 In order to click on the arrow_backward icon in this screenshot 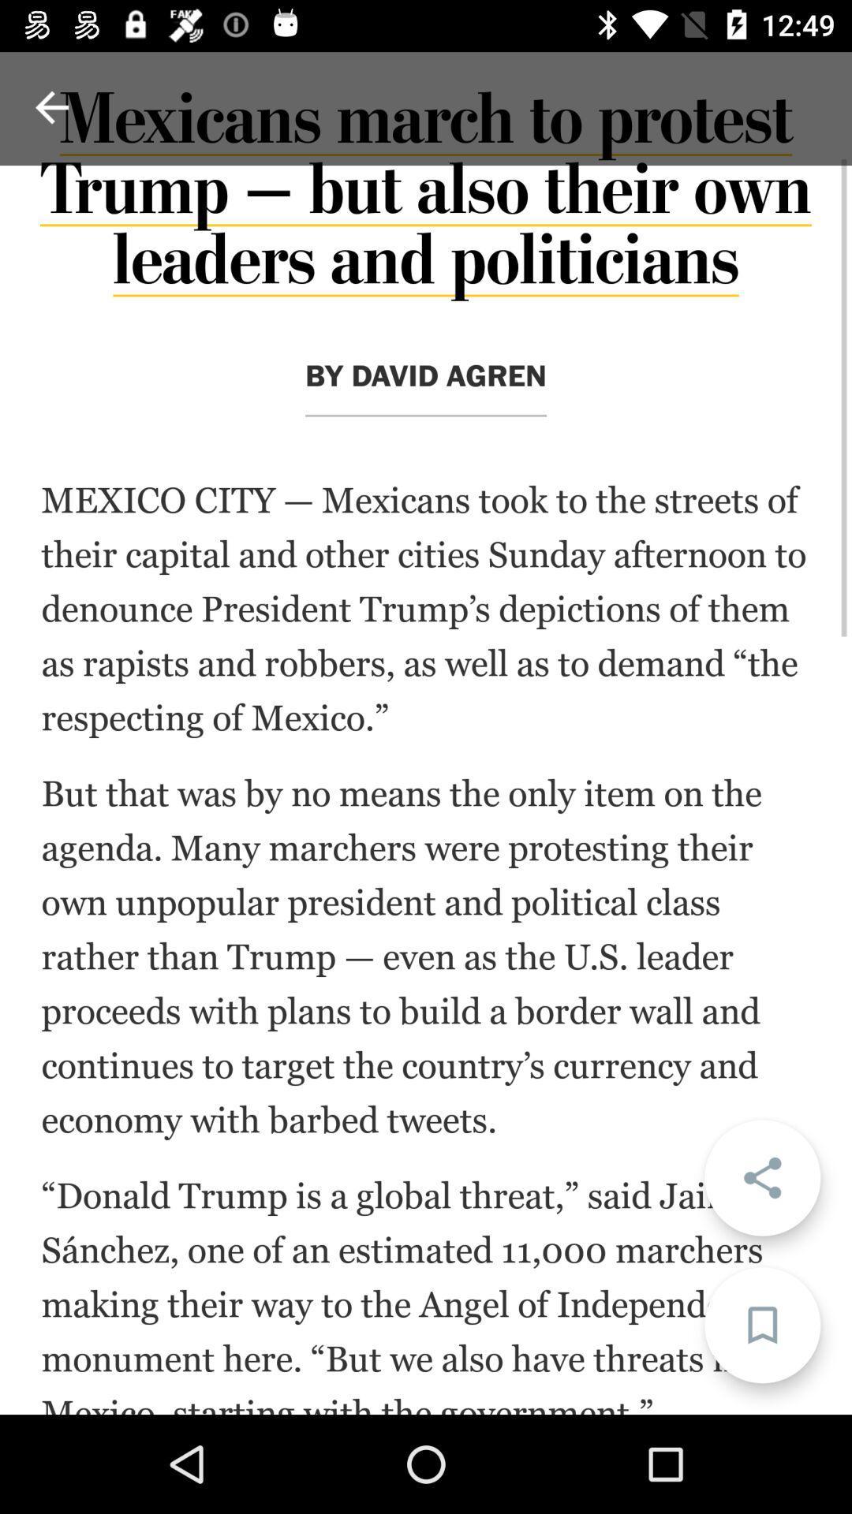, I will do `click(50, 106)`.